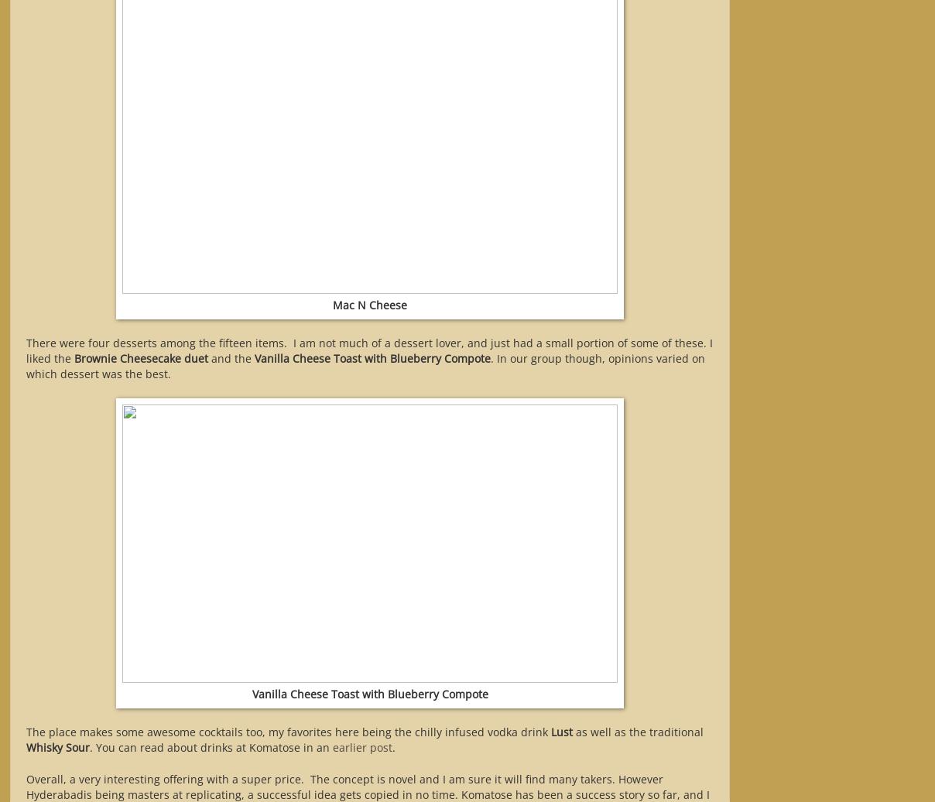 This screenshot has width=935, height=802. Describe the element at coordinates (638, 731) in the screenshot. I see `'as well as the traditional'` at that location.